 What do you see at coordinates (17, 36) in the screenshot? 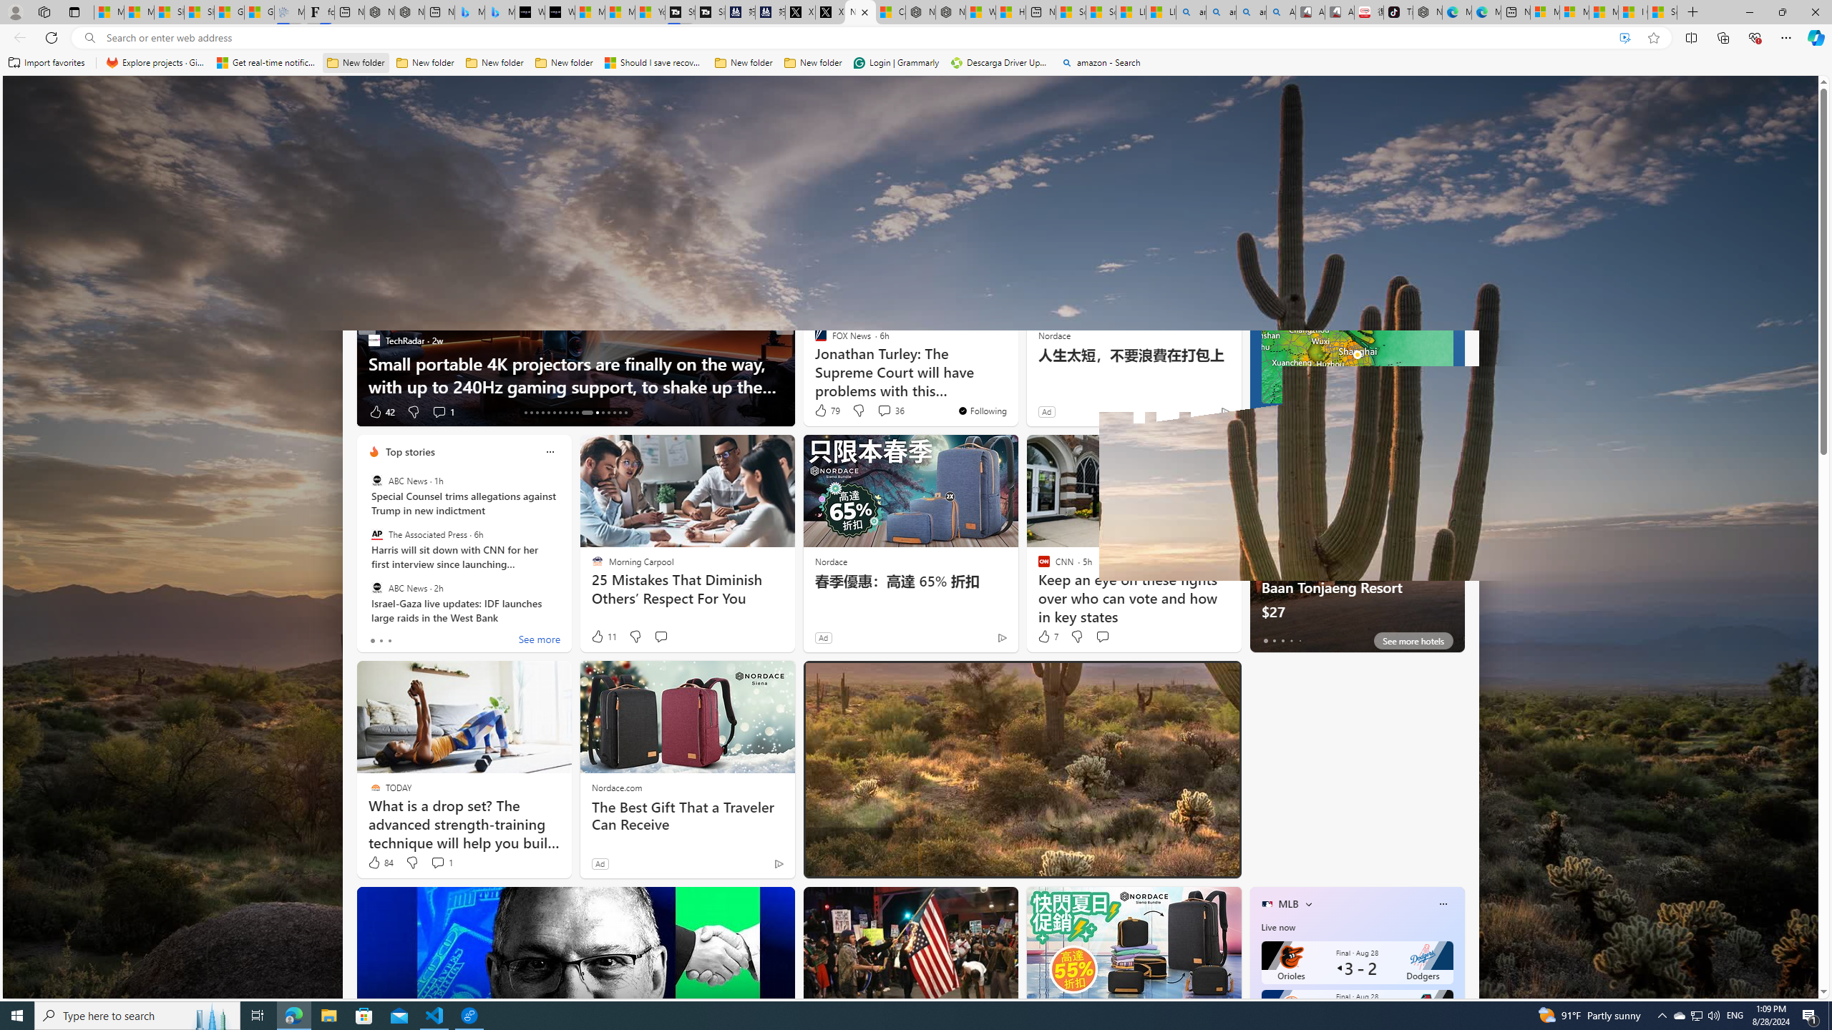
I see `'Back'` at bounding box center [17, 36].